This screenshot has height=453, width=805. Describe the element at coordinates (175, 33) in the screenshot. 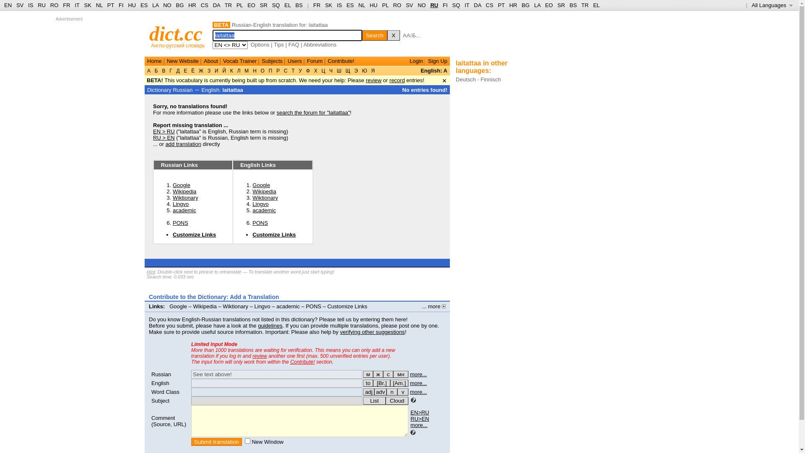

I see `'dict.cc'` at that location.